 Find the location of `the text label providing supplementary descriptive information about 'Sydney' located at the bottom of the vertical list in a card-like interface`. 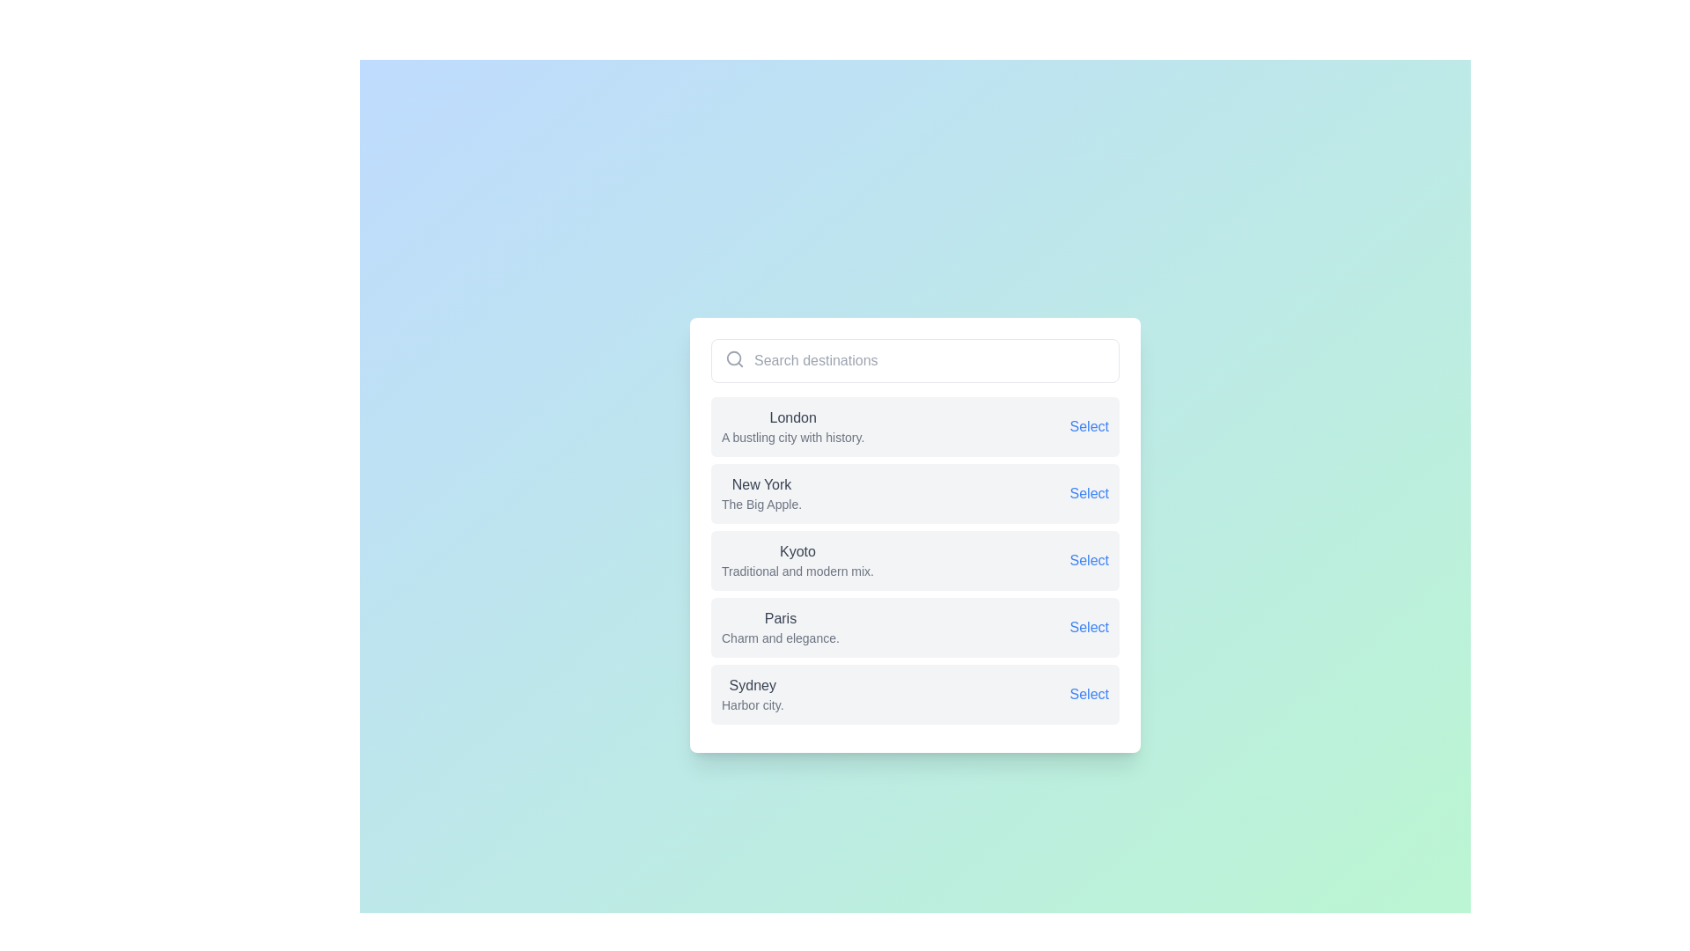

the text label providing supplementary descriptive information about 'Sydney' located at the bottom of the vertical list in a card-like interface is located at coordinates (753, 704).